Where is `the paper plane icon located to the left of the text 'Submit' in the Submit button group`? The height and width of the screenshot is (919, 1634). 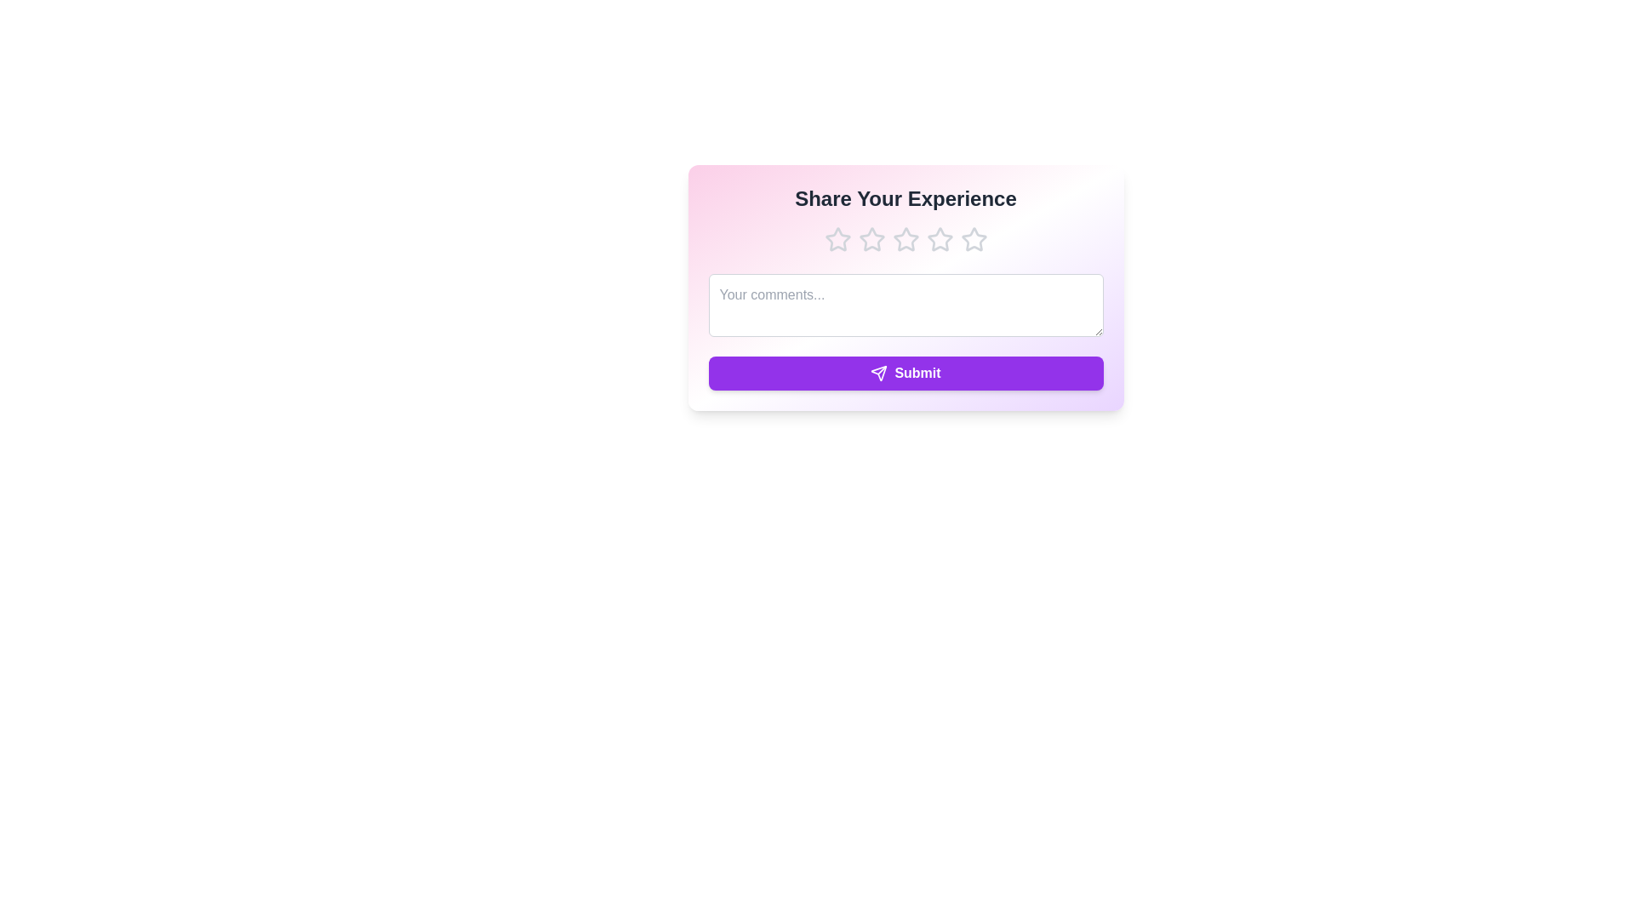
the paper plane icon located to the left of the text 'Submit' in the Submit button group is located at coordinates (879, 373).